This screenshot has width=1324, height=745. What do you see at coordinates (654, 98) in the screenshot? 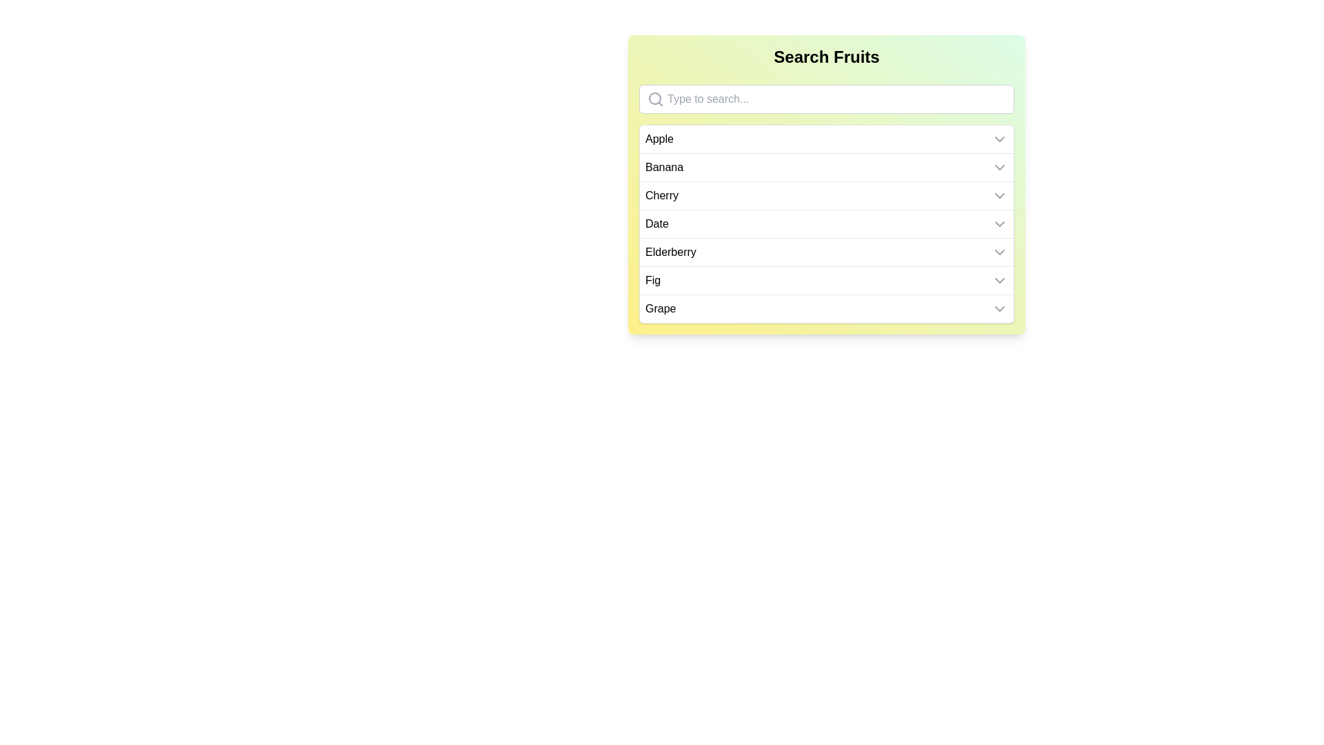
I see `the search icon located at the left end of the search bar, which indicates the search functionality` at bounding box center [654, 98].